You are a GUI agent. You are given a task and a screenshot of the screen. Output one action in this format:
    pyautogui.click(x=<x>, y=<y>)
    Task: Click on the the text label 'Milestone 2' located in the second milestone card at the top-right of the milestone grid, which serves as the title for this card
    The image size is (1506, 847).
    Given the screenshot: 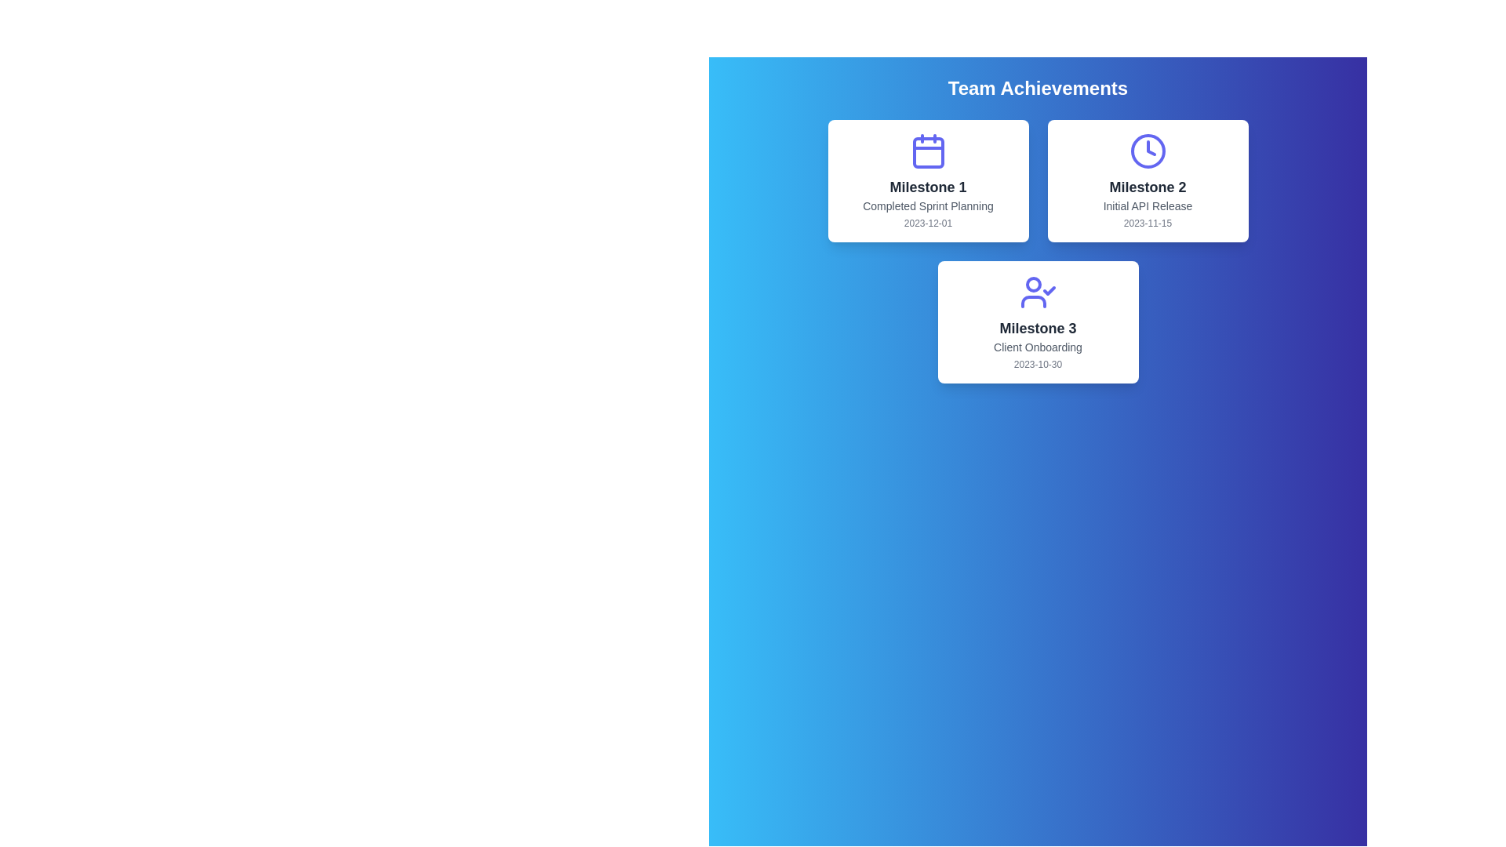 What is the action you would take?
    pyautogui.click(x=1148, y=187)
    